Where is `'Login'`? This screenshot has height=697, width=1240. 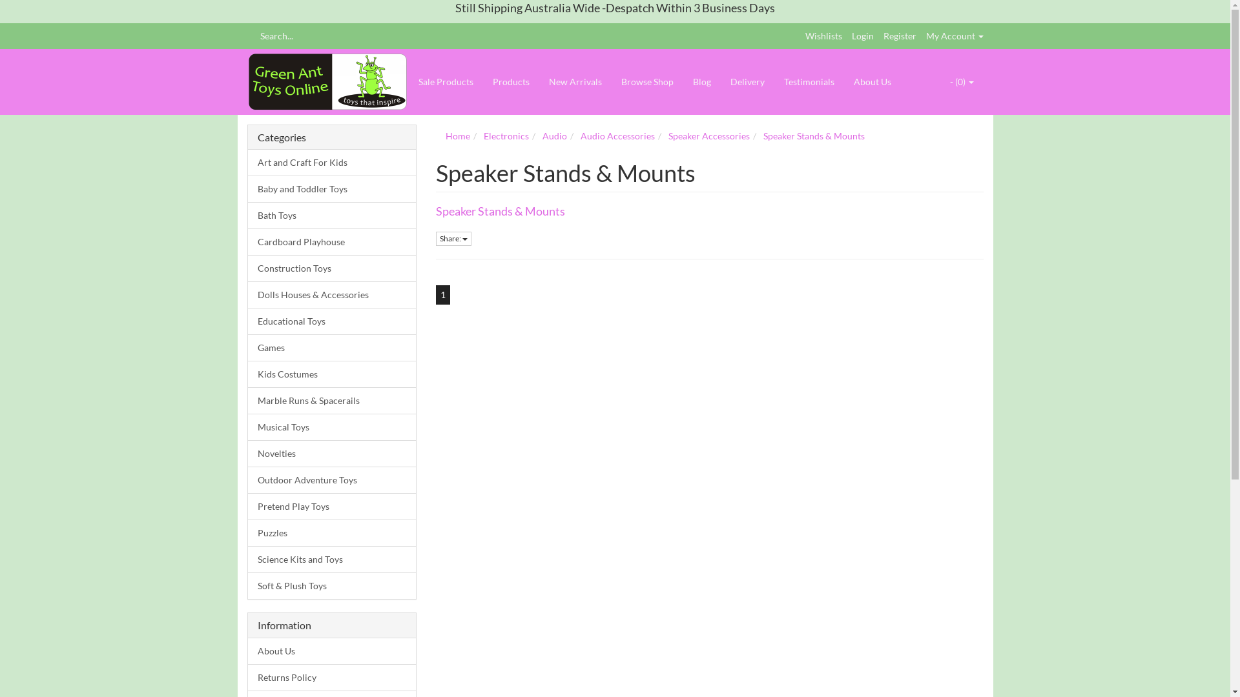
'Login' is located at coordinates (862, 35).